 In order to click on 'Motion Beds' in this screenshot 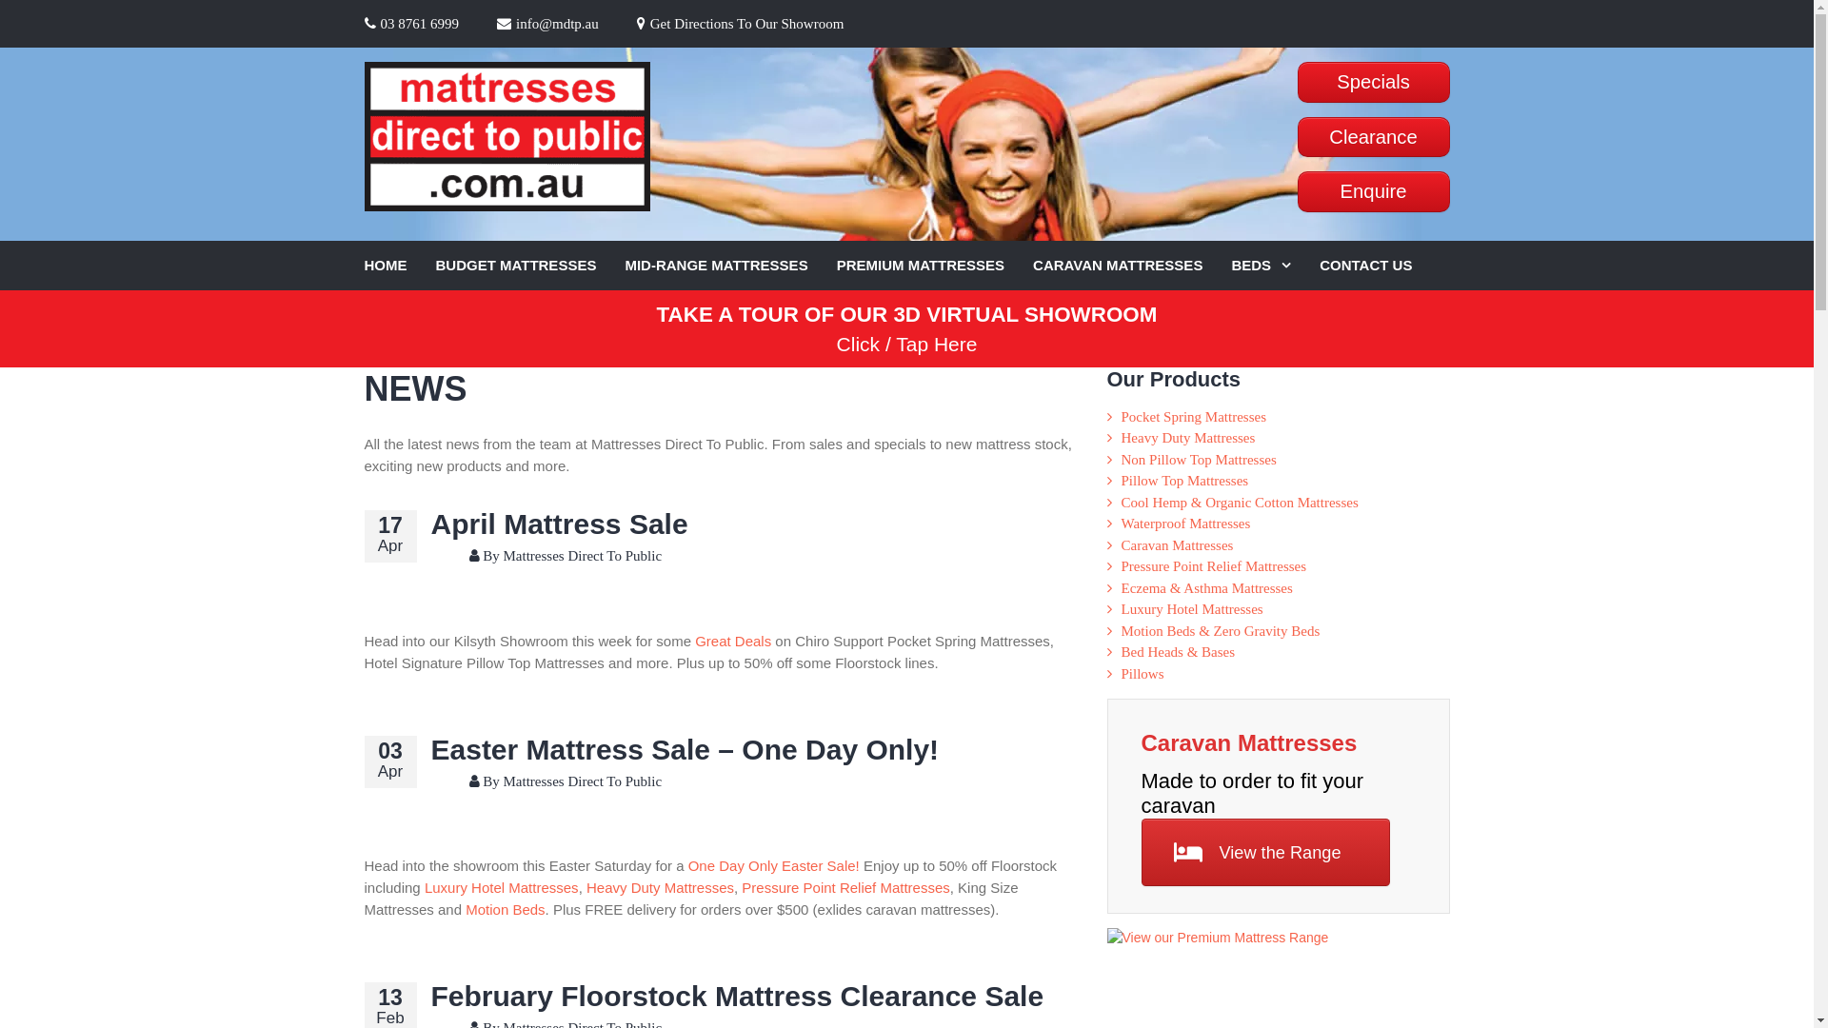, I will do `click(505, 908)`.